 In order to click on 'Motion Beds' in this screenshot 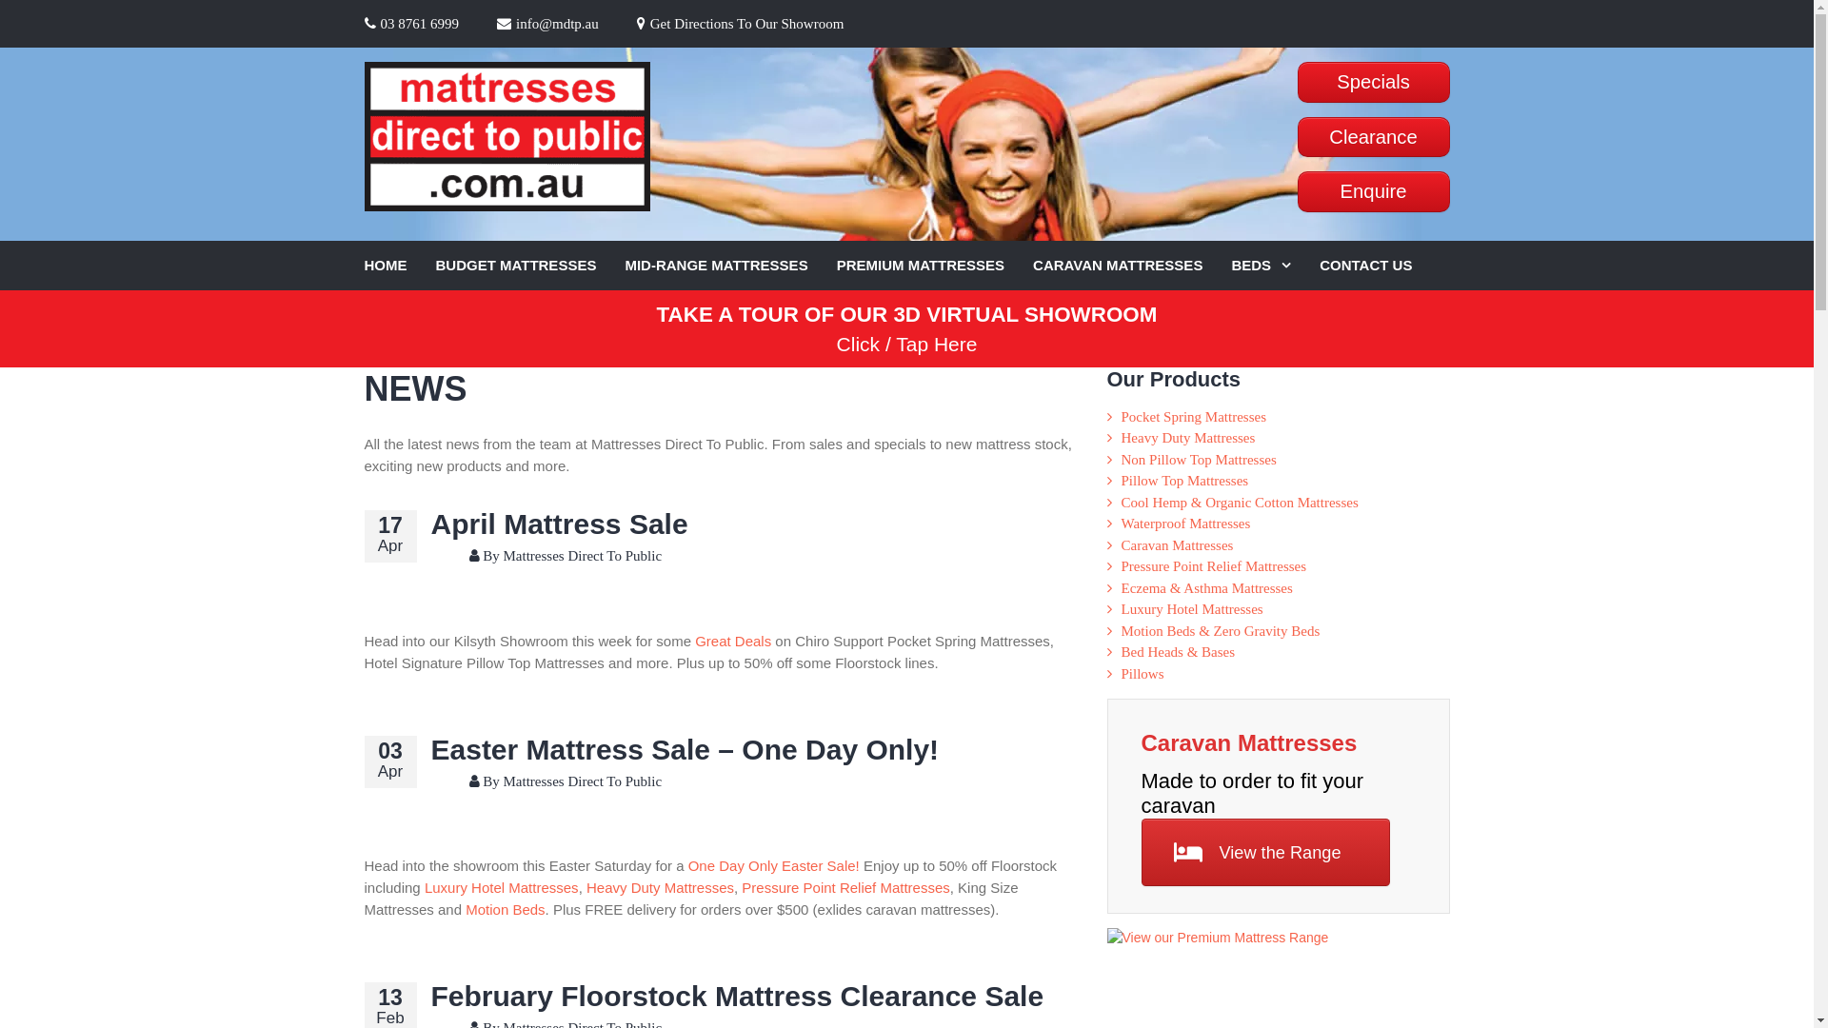, I will do `click(505, 908)`.